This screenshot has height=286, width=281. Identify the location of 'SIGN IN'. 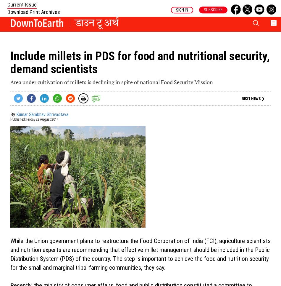
(182, 9).